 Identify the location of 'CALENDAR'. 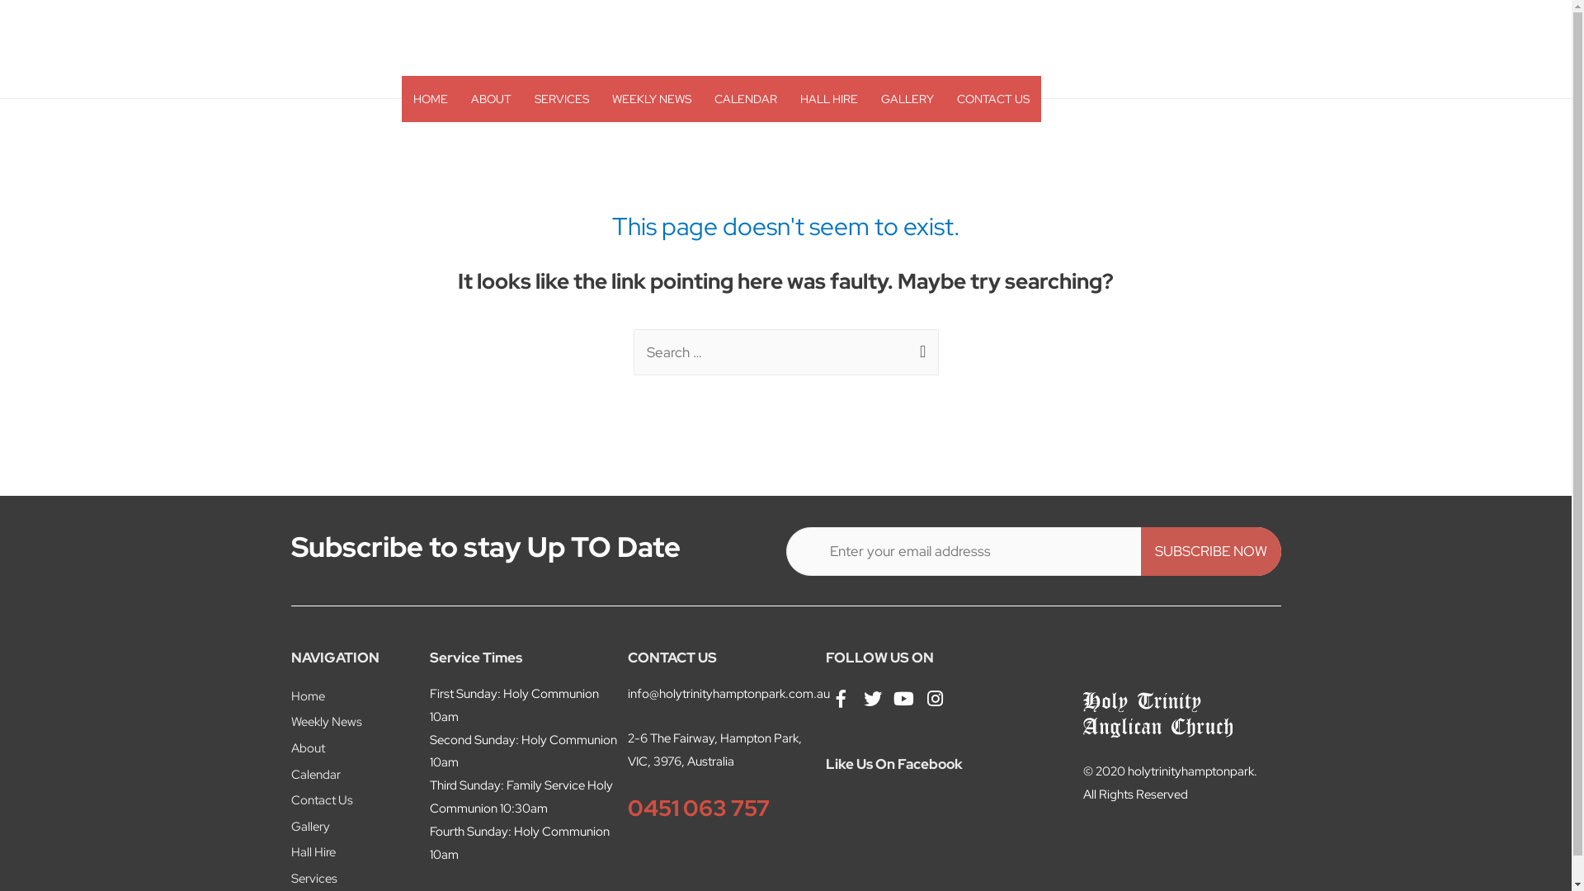
(744, 98).